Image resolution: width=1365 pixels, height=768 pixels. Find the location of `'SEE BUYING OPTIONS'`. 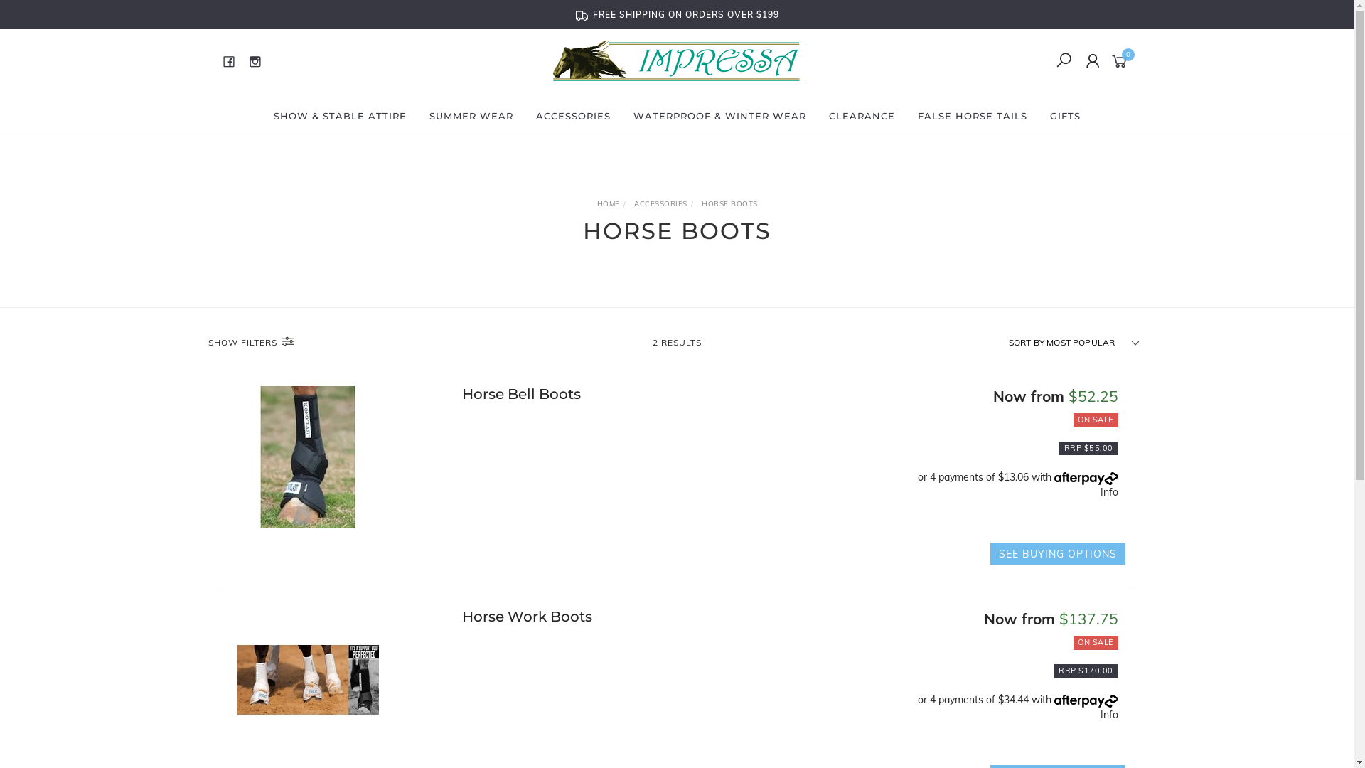

'SEE BUYING OPTIONS' is located at coordinates (1057, 553).